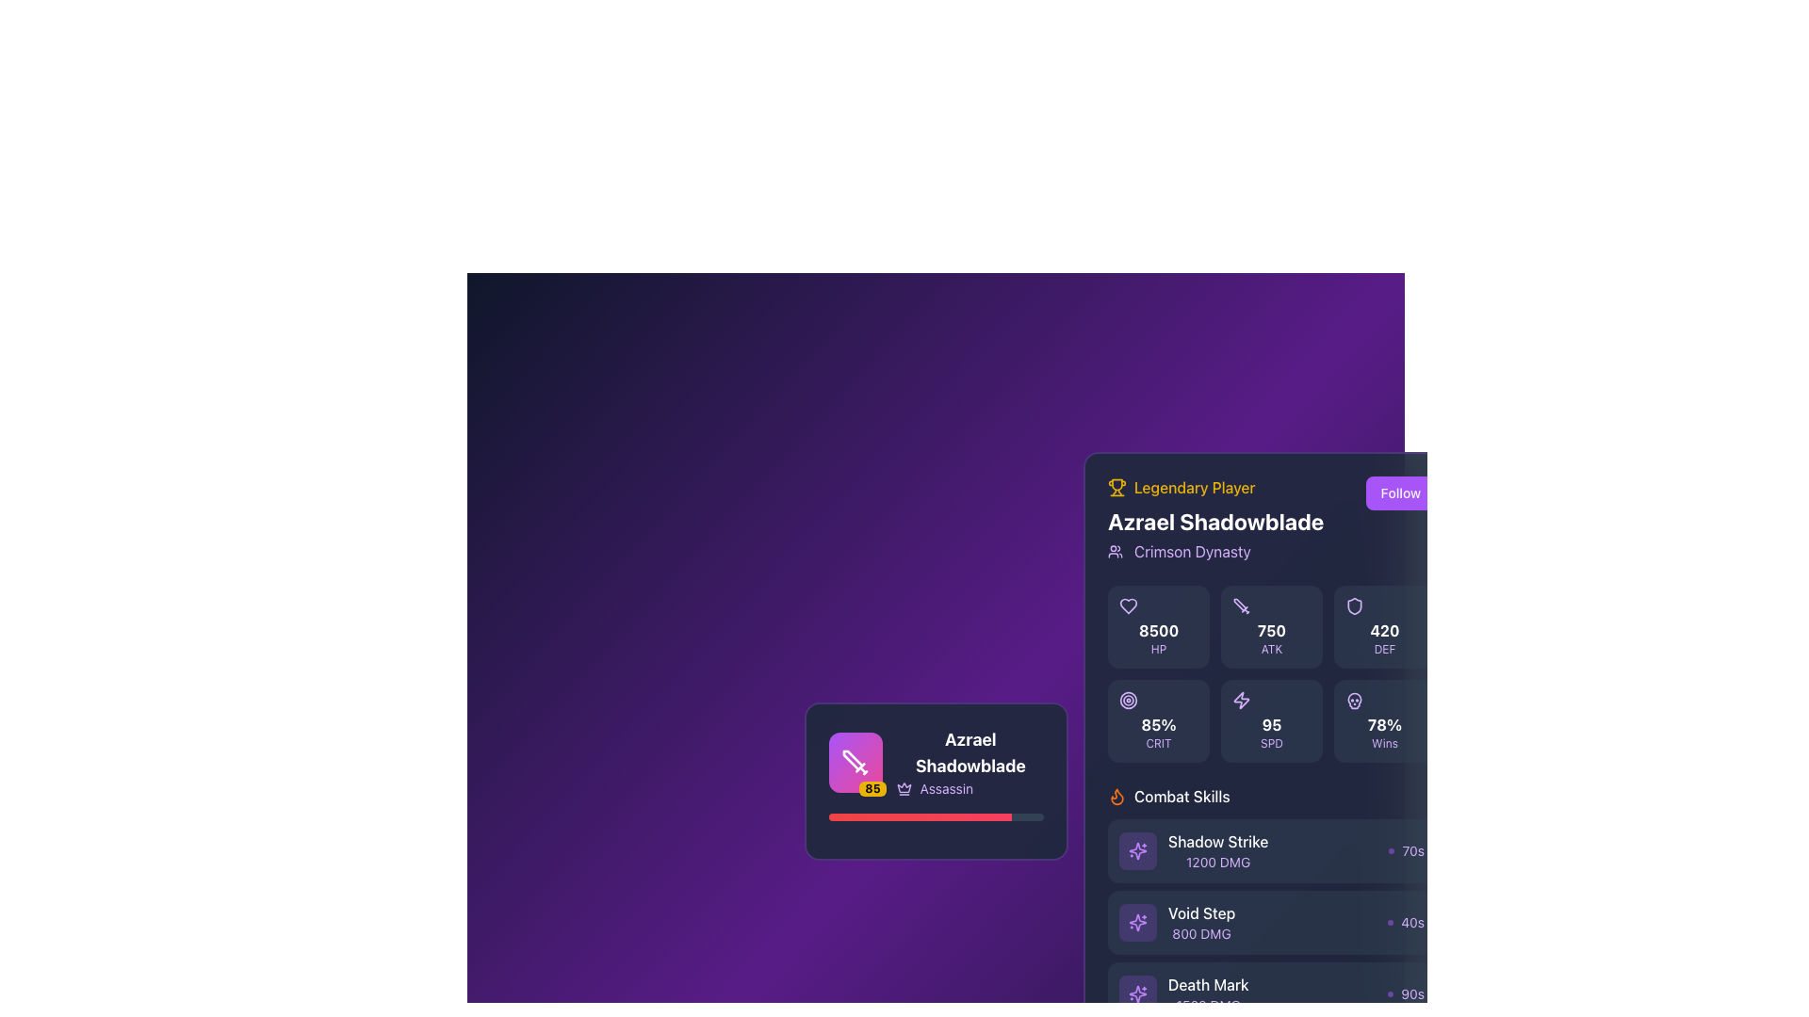 This screenshot has height=1017, width=1809. What do you see at coordinates (970, 763) in the screenshot?
I see `the label displaying 'Azrael Shadowblade' with the role 'Assassin' and a crown icon, styled in bold white and light purple on a dark background` at bounding box center [970, 763].